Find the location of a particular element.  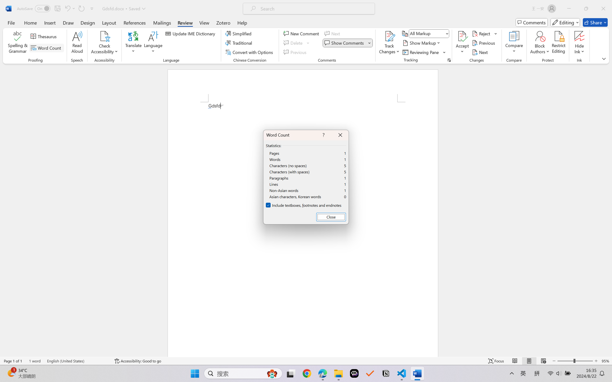

'Show Comments' is located at coordinates (347, 43).